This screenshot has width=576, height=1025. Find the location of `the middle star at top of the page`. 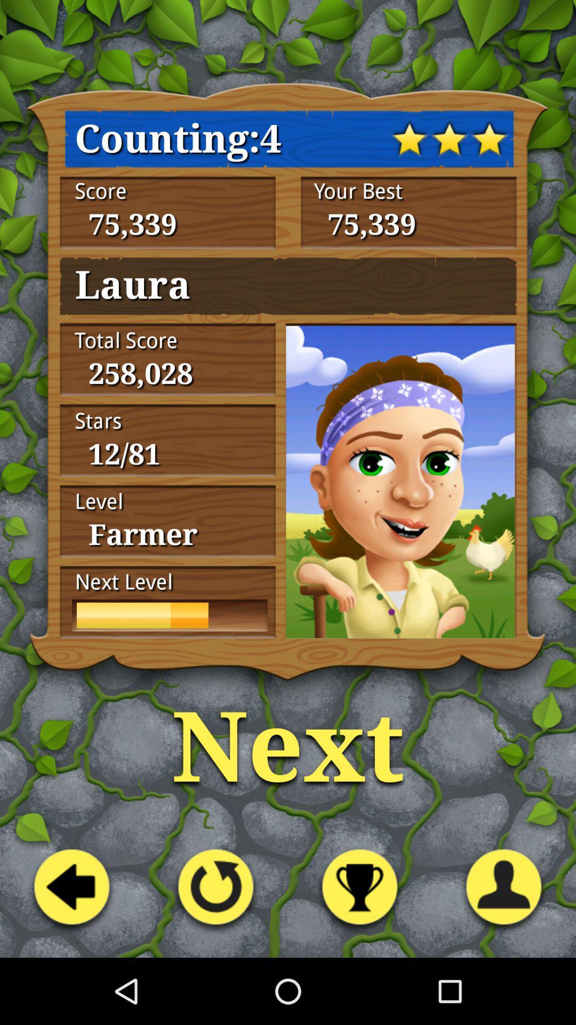

the middle star at top of the page is located at coordinates (450, 138).